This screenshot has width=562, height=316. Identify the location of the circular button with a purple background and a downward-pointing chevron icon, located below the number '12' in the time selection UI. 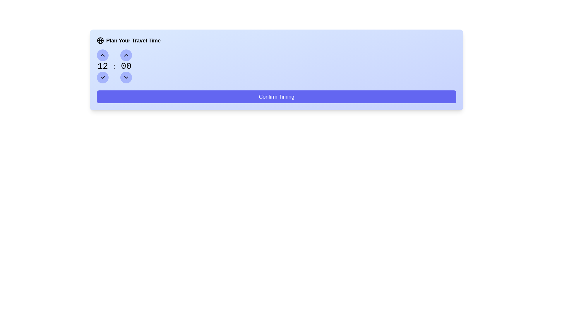
(102, 77).